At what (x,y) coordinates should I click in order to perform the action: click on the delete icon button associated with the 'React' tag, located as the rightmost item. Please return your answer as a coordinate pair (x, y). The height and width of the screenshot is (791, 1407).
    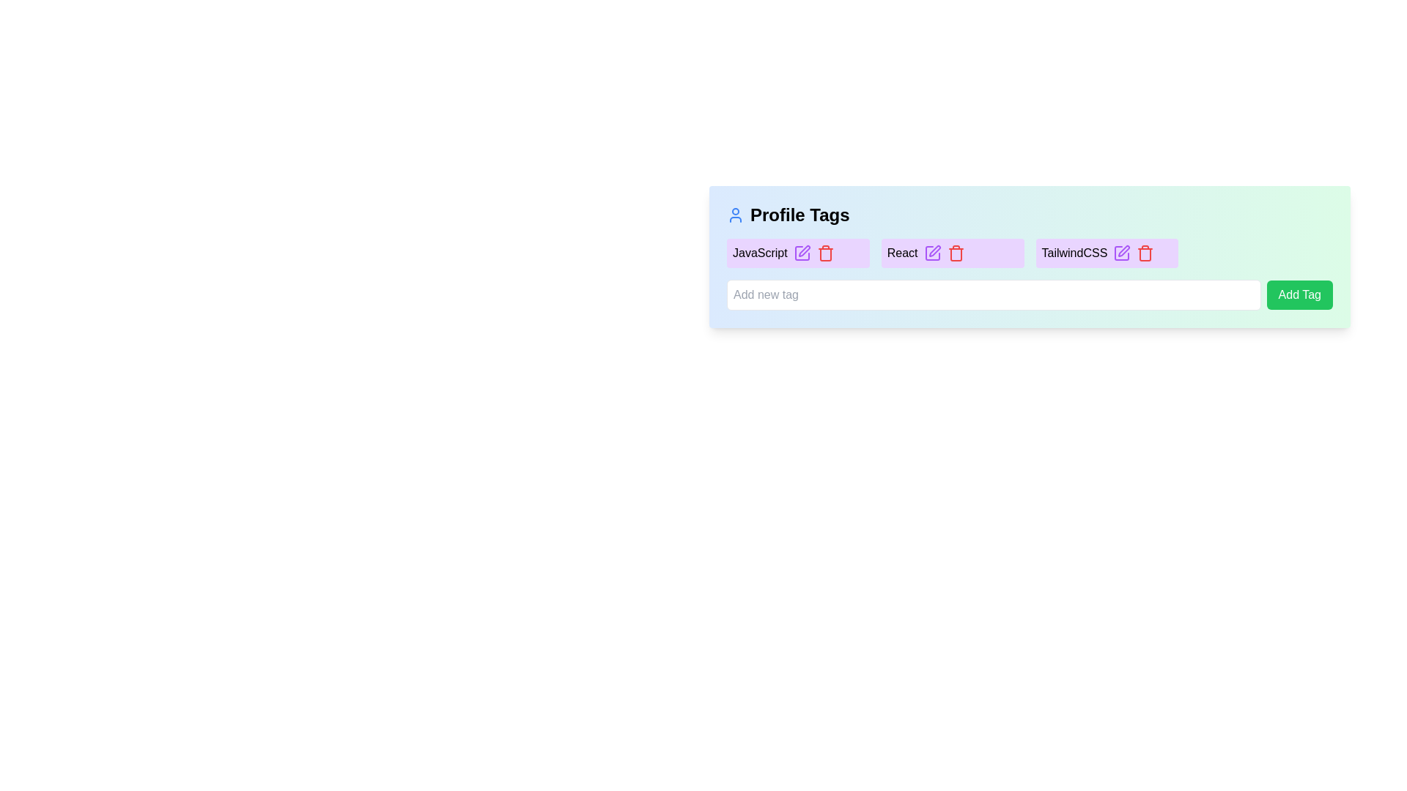
    Looking at the image, I should click on (956, 253).